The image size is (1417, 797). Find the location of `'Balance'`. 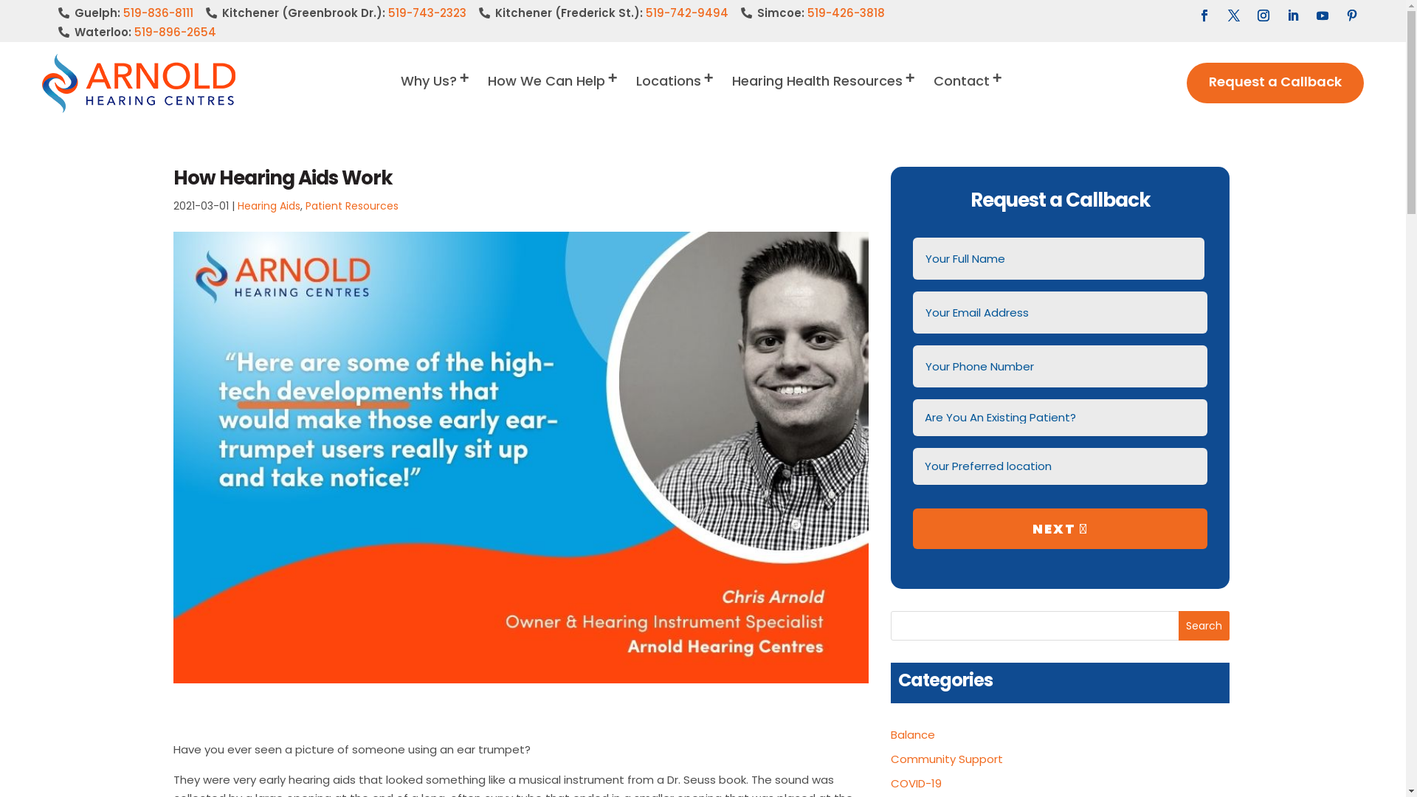

'Balance' is located at coordinates (889, 734).